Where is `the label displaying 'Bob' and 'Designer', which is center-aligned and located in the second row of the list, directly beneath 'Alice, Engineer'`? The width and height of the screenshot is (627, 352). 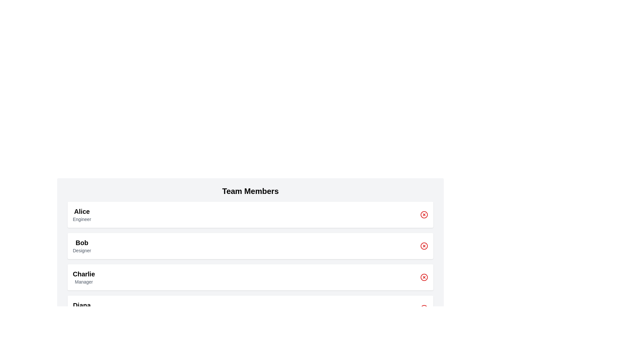 the label displaying 'Bob' and 'Designer', which is center-aligned and located in the second row of the list, directly beneath 'Alice, Engineer' is located at coordinates (81, 246).